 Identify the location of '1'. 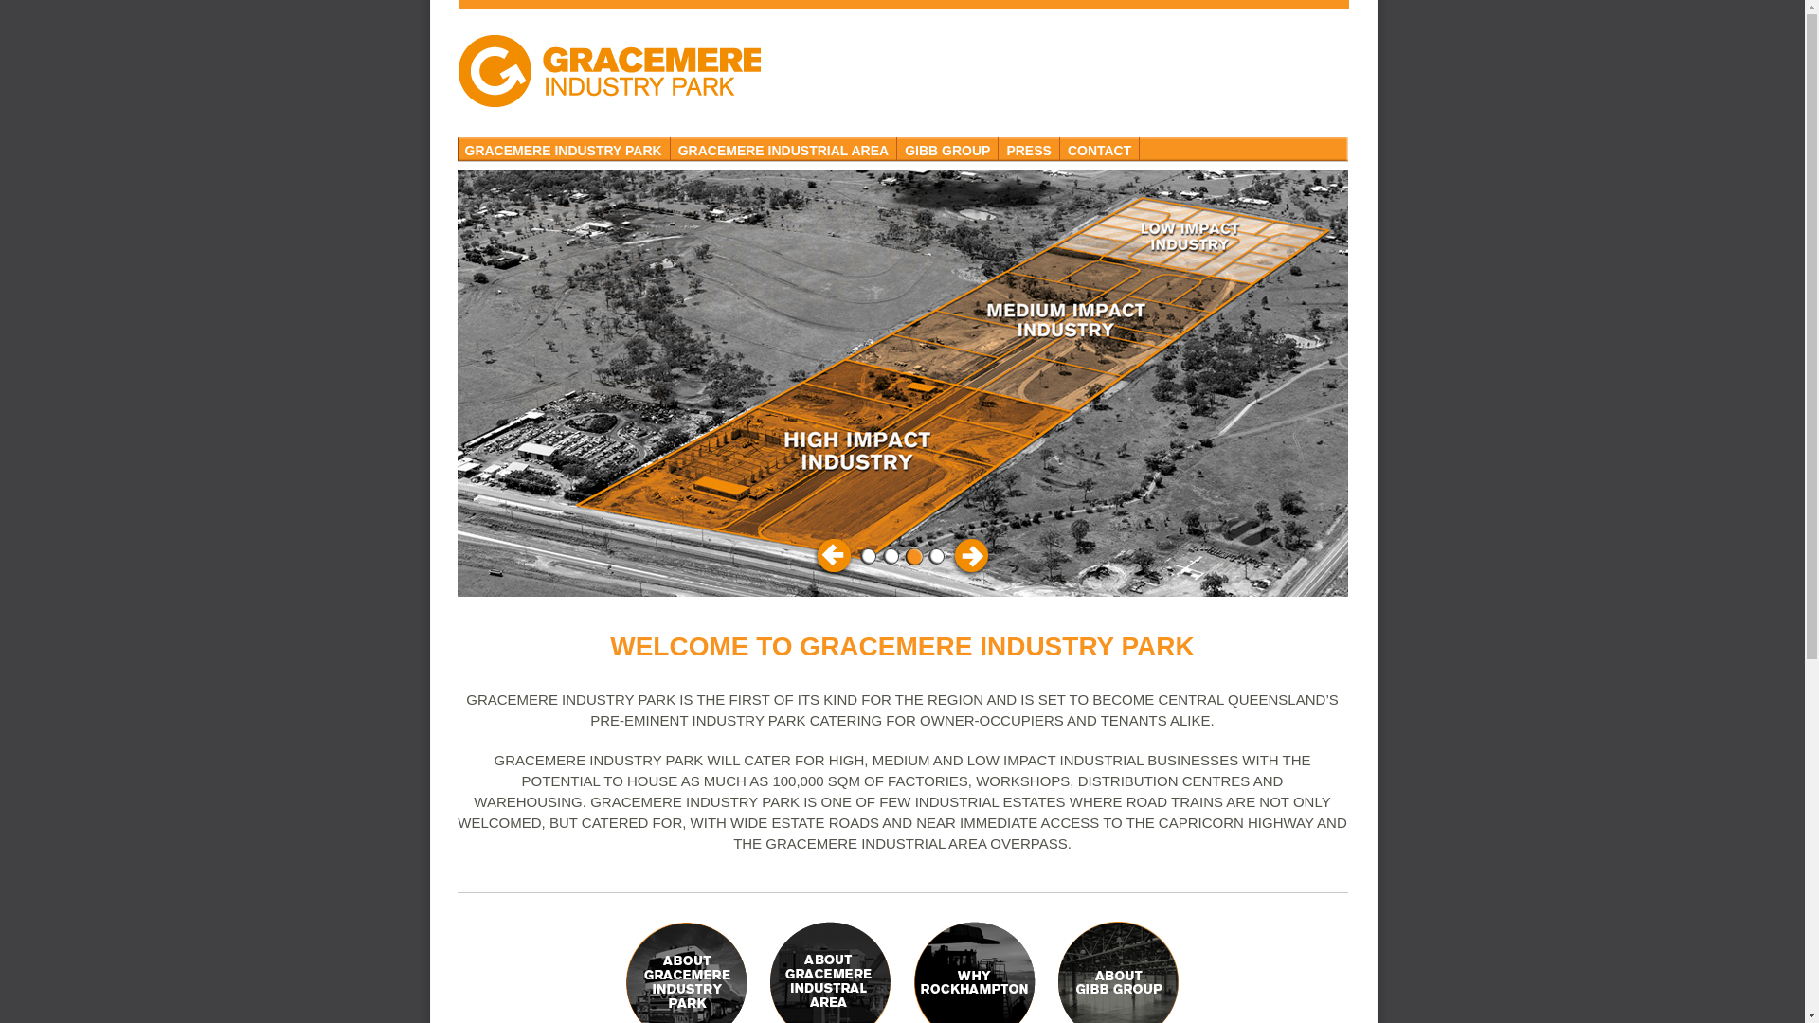
(867, 555).